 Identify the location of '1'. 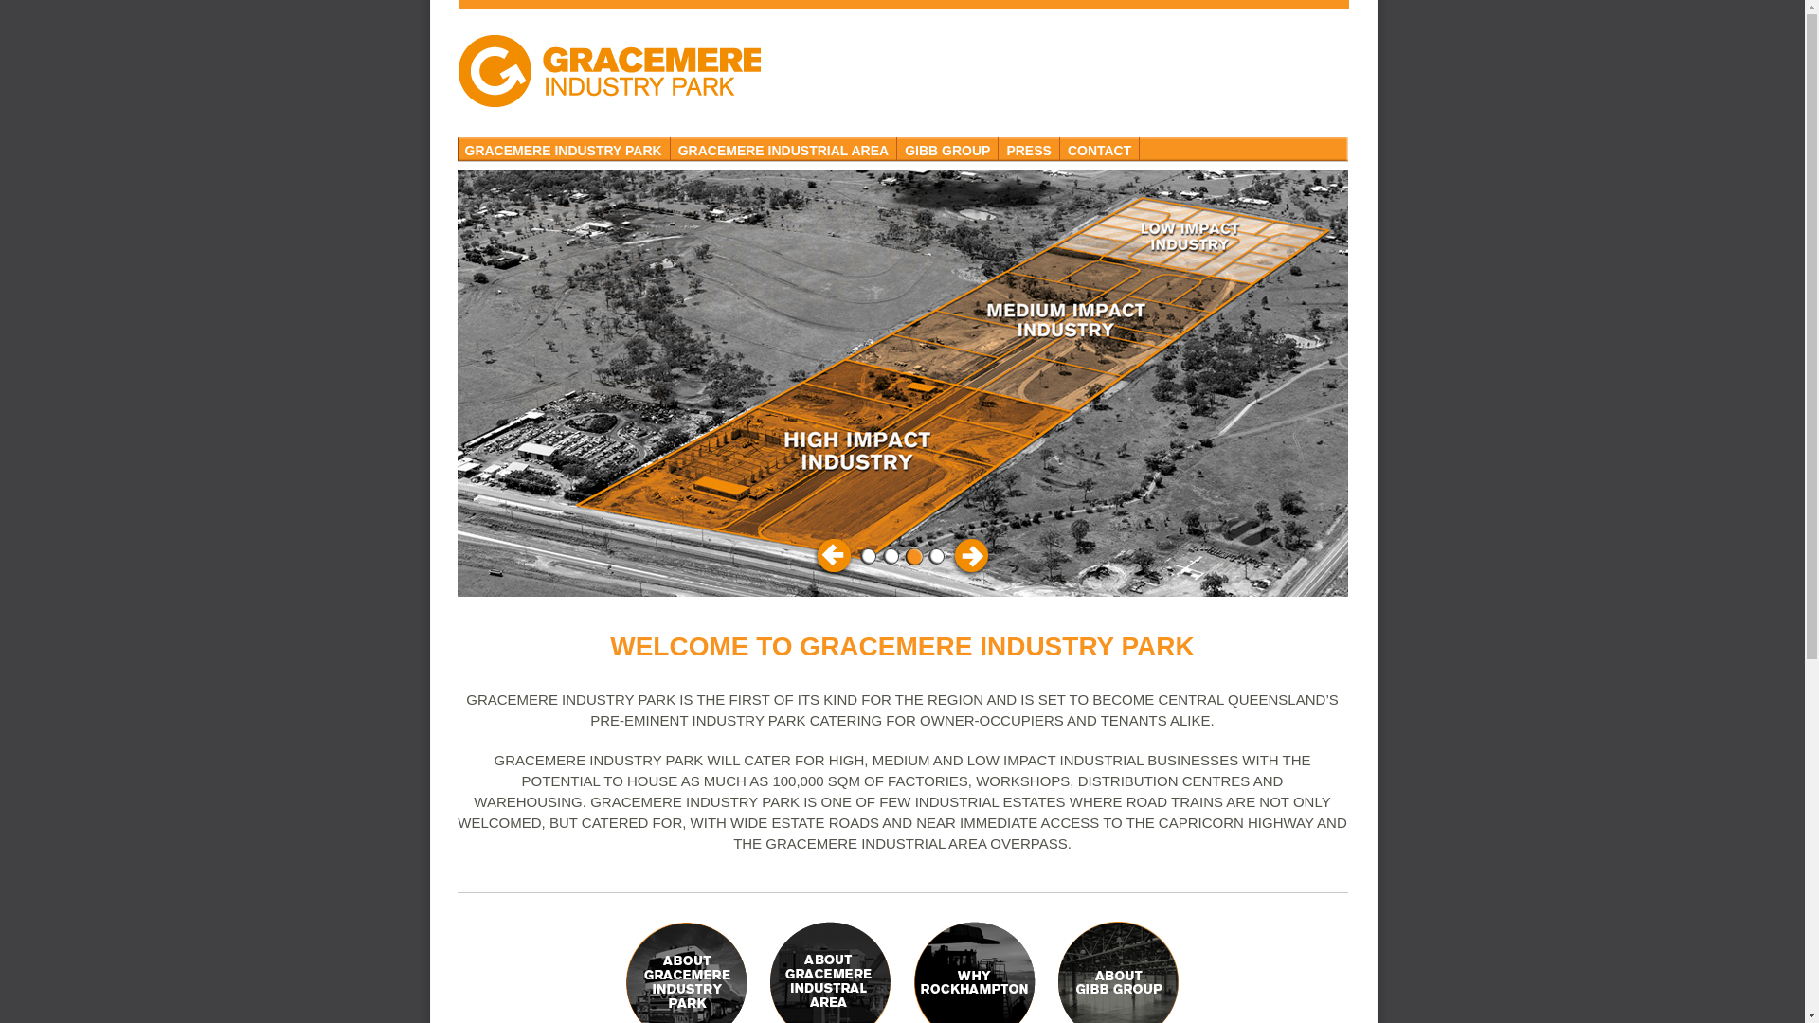
(867, 555).